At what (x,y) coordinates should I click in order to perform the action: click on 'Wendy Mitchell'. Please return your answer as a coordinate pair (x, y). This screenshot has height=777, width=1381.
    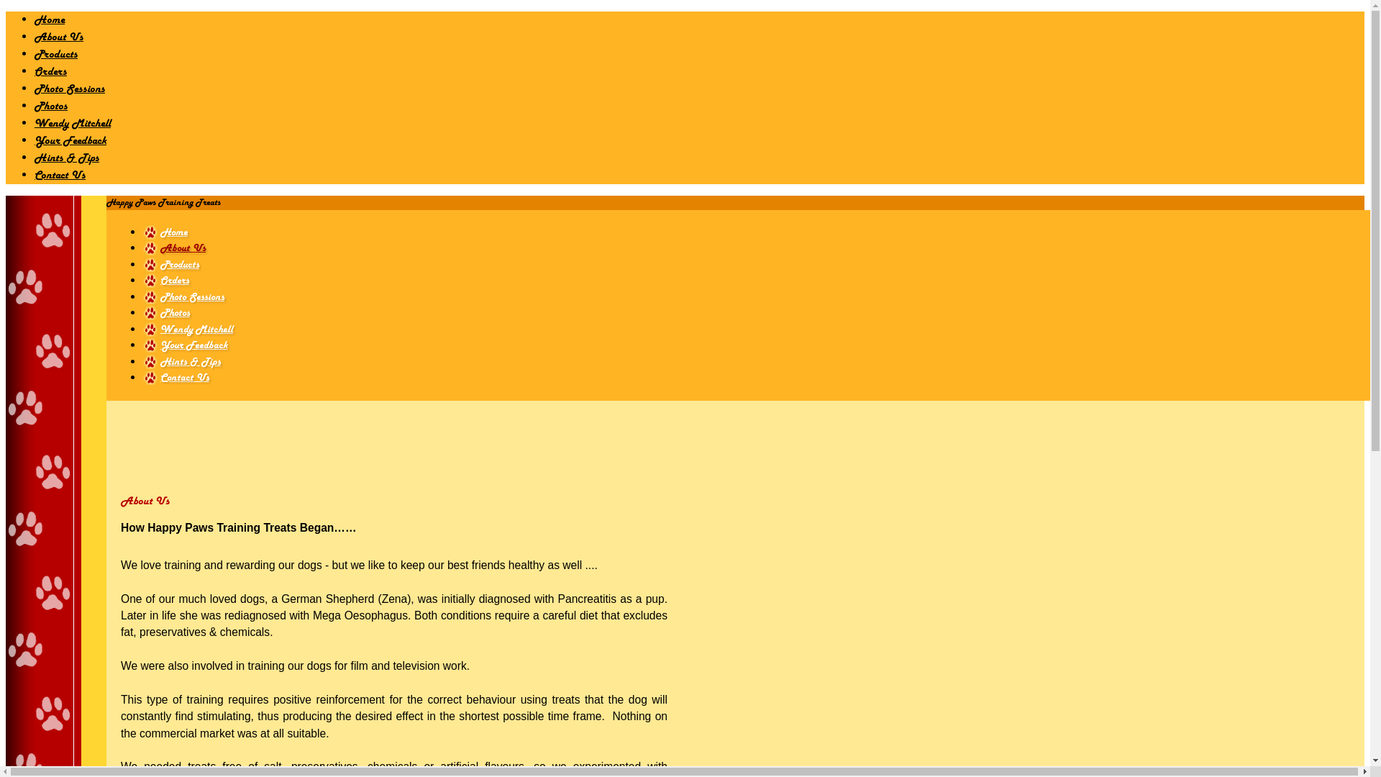
    Looking at the image, I should click on (71, 122).